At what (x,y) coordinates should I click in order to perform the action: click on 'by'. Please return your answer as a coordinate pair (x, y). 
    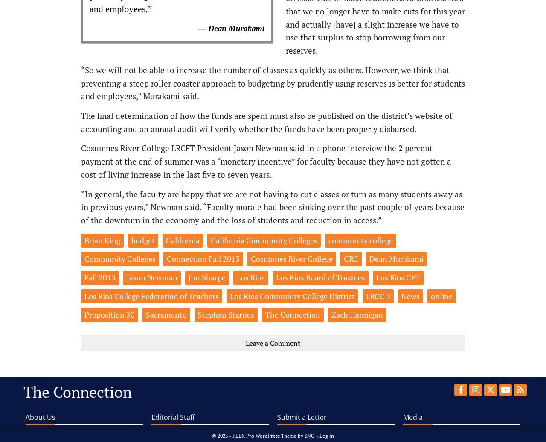
    Looking at the image, I should click on (300, 435).